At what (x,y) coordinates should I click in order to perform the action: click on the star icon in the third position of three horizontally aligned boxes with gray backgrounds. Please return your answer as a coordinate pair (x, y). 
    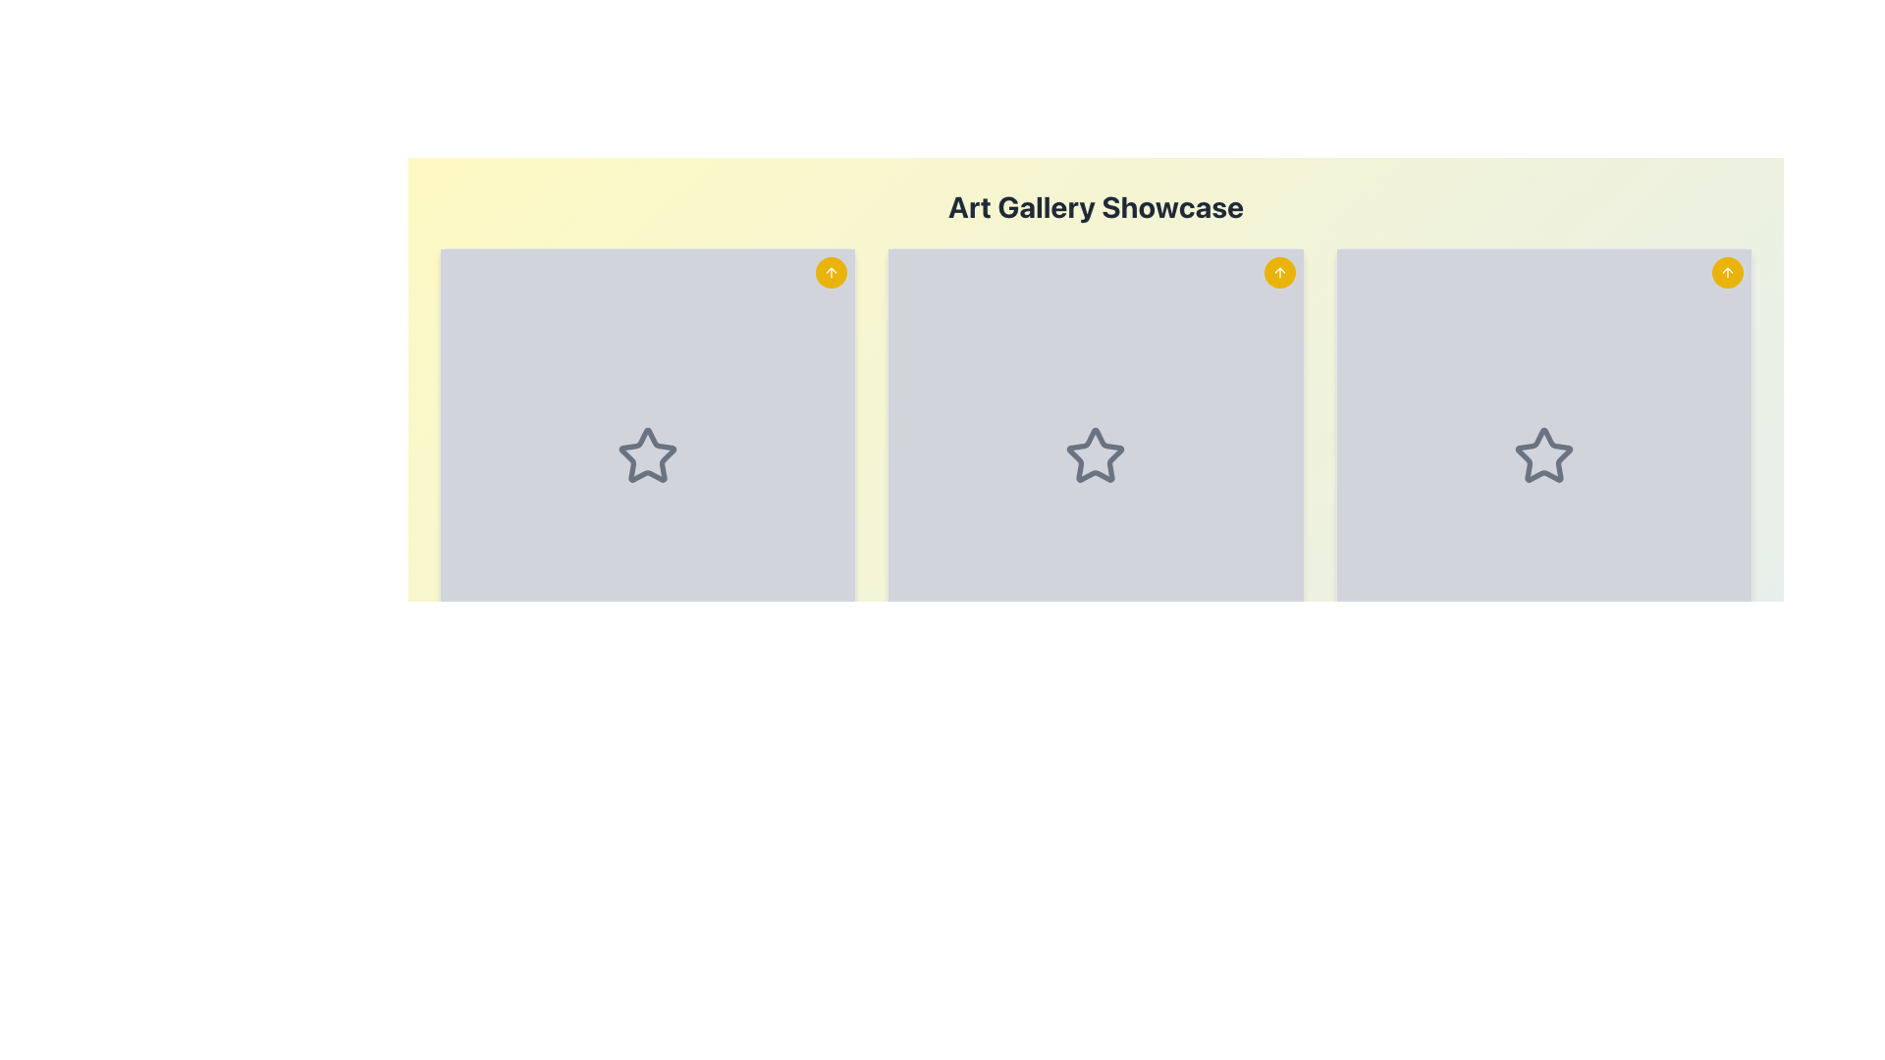
    Looking at the image, I should click on (1542, 456).